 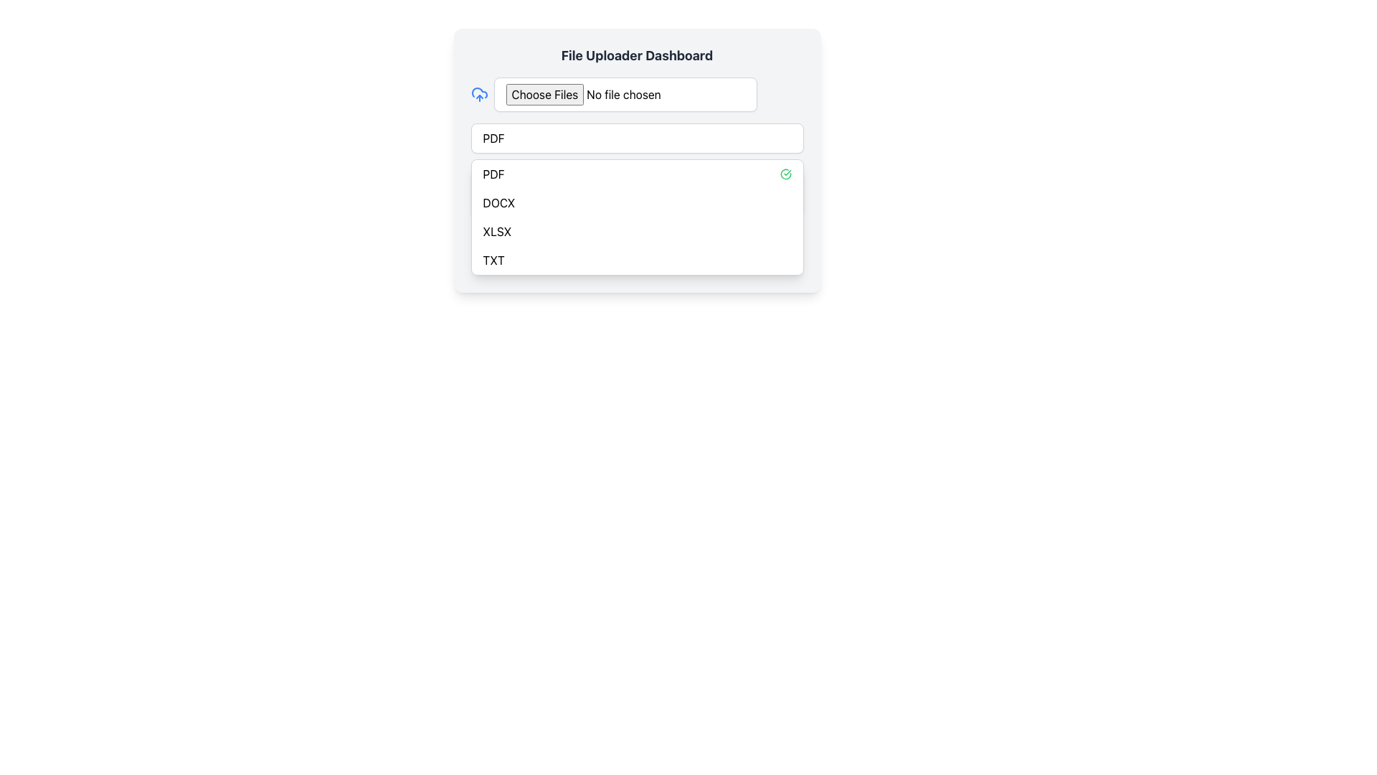 What do you see at coordinates (636, 202) in the screenshot?
I see `the 'DOCX' list item in the dropdown menu, which is the second option and styled with a bold font and hover effect` at bounding box center [636, 202].